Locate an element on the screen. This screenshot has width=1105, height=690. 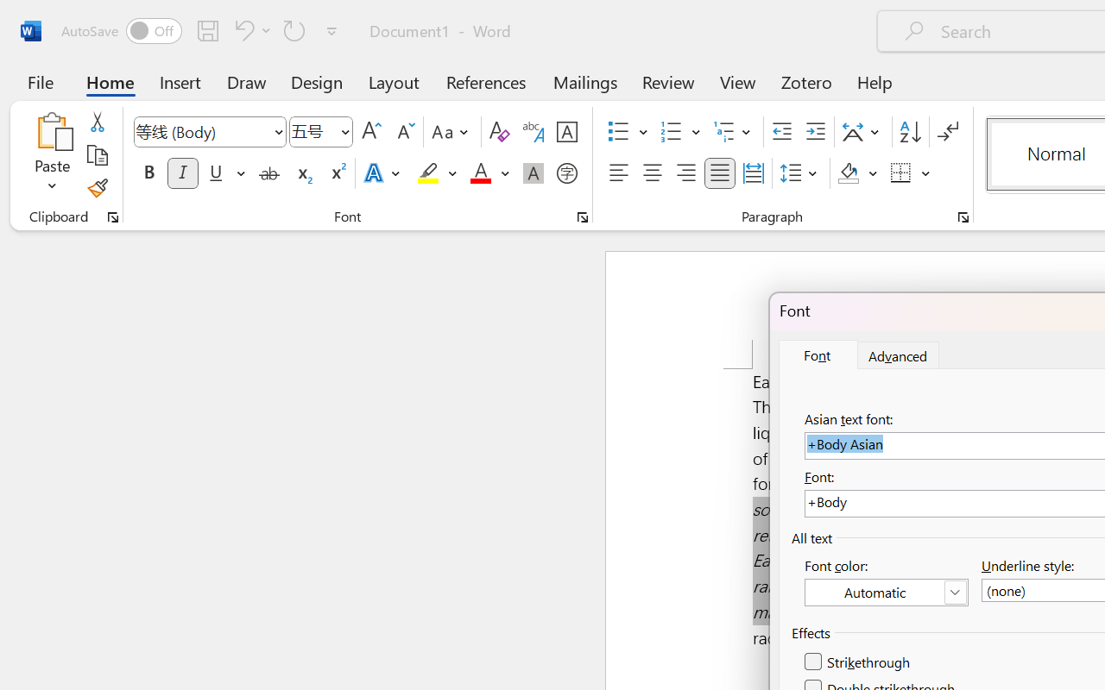
'Format Painter' is located at coordinates (96, 188).